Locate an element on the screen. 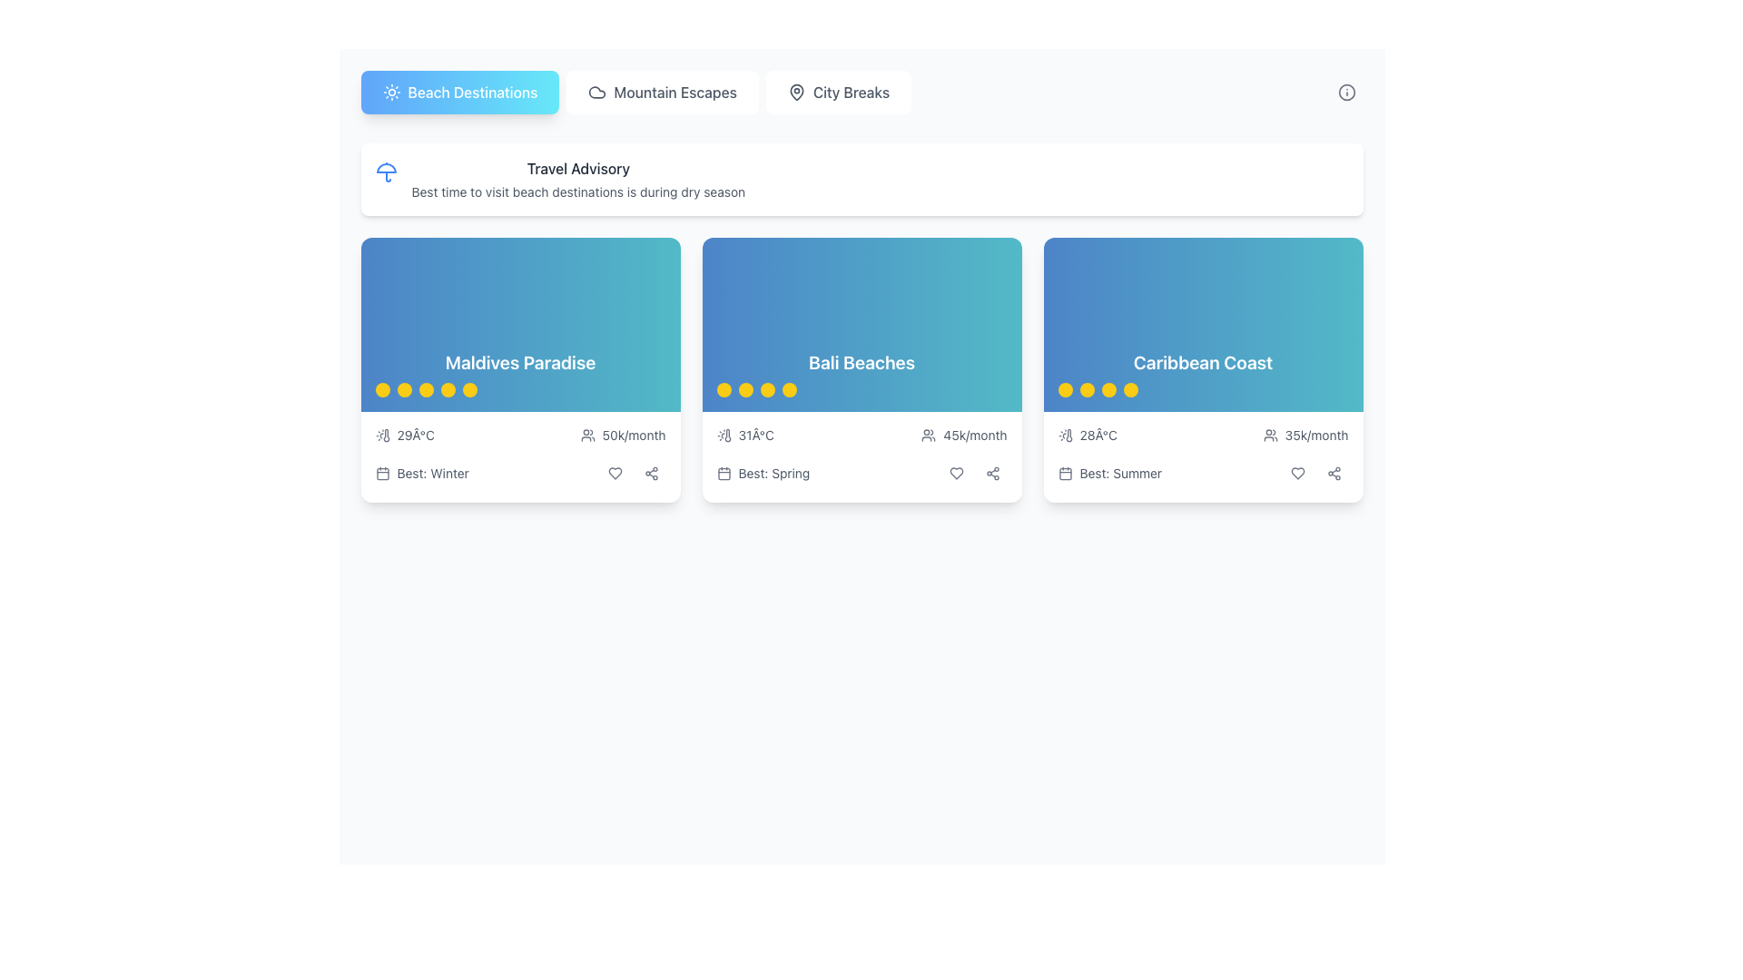  the text label that serves as the header for the Bali Beaches card is located at coordinates (861, 363).